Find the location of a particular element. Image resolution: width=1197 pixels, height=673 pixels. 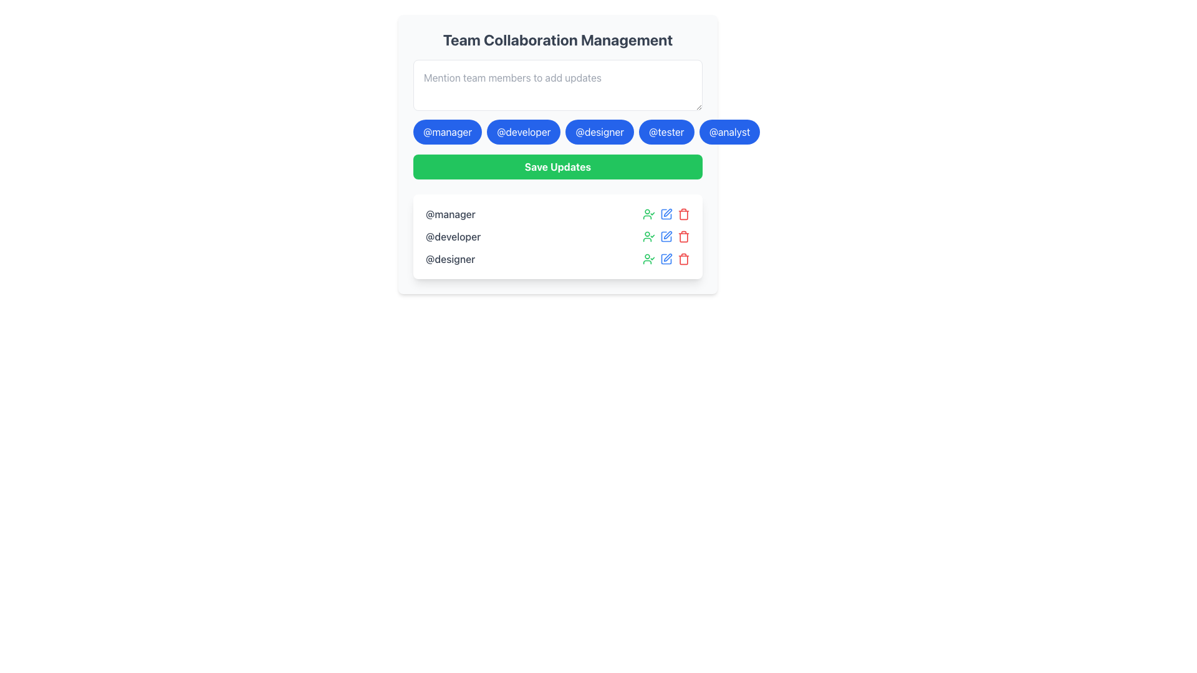

the red outlined trash can icon in the third row of user entries to initiate the delete action is located at coordinates (683, 259).